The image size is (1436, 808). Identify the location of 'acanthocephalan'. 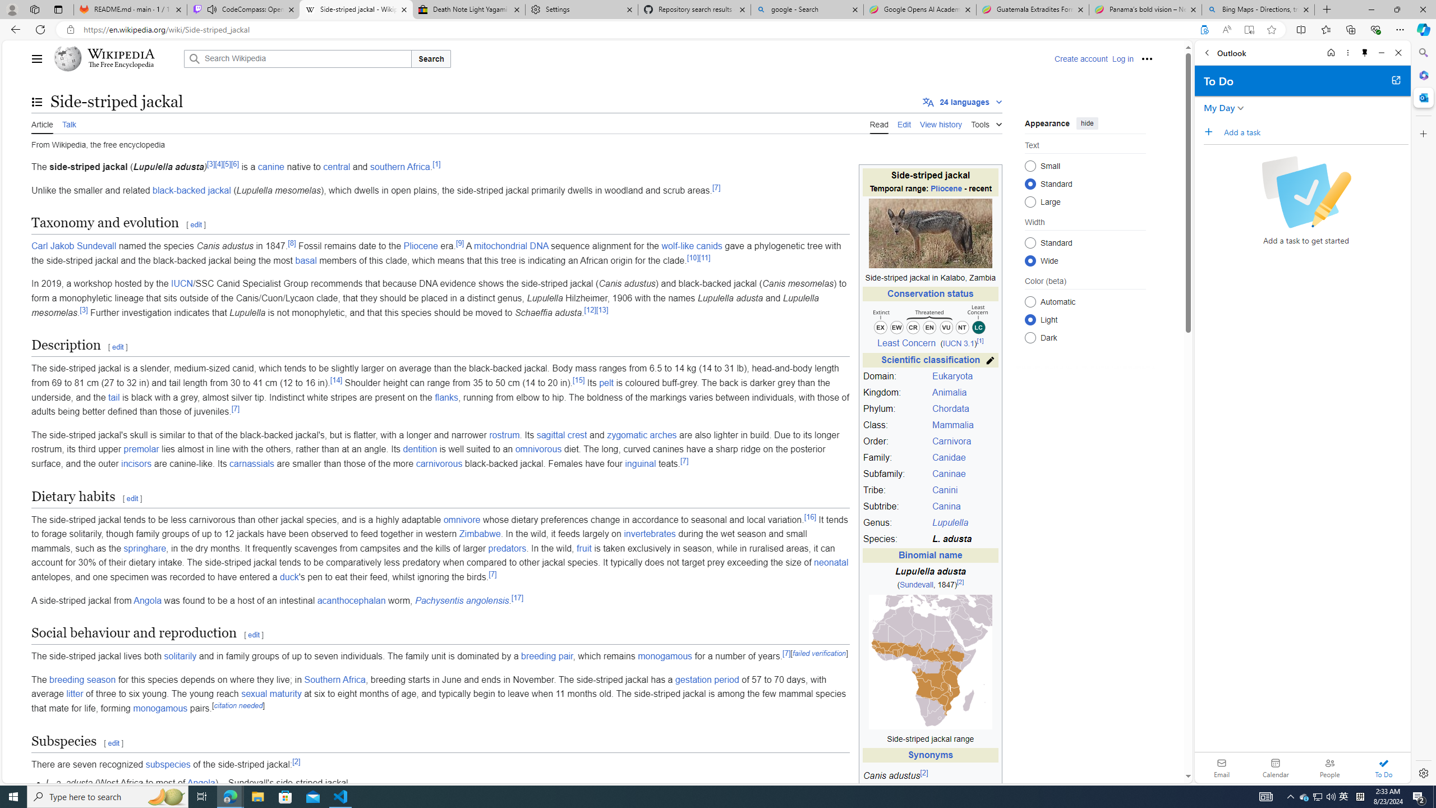
(352, 599).